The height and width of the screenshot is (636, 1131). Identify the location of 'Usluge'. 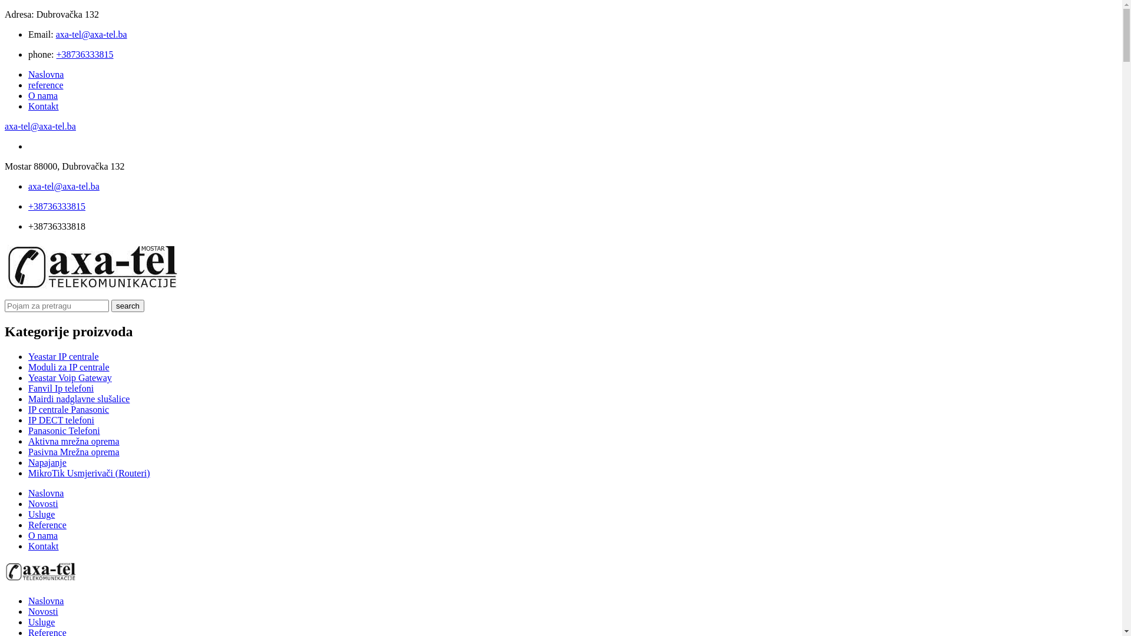
(41, 514).